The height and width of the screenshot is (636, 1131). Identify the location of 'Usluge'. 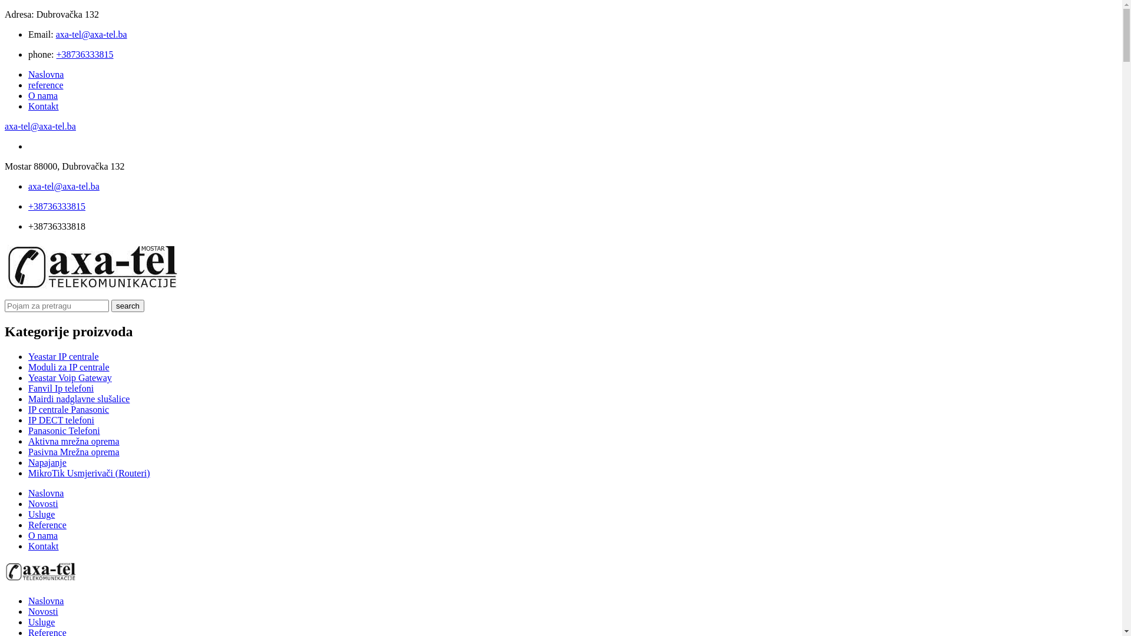
(41, 514).